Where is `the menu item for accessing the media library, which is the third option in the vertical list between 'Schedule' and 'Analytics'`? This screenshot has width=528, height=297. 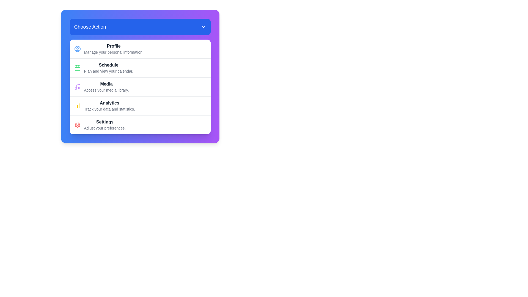 the menu item for accessing the media library, which is the third option in the vertical list between 'Schedule' and 'Analytics' is located at coordinates (140, 87).